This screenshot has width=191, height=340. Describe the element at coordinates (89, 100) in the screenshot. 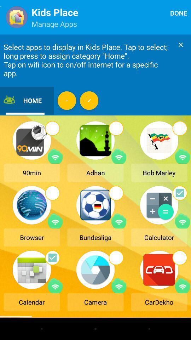

I see `more` at that location.